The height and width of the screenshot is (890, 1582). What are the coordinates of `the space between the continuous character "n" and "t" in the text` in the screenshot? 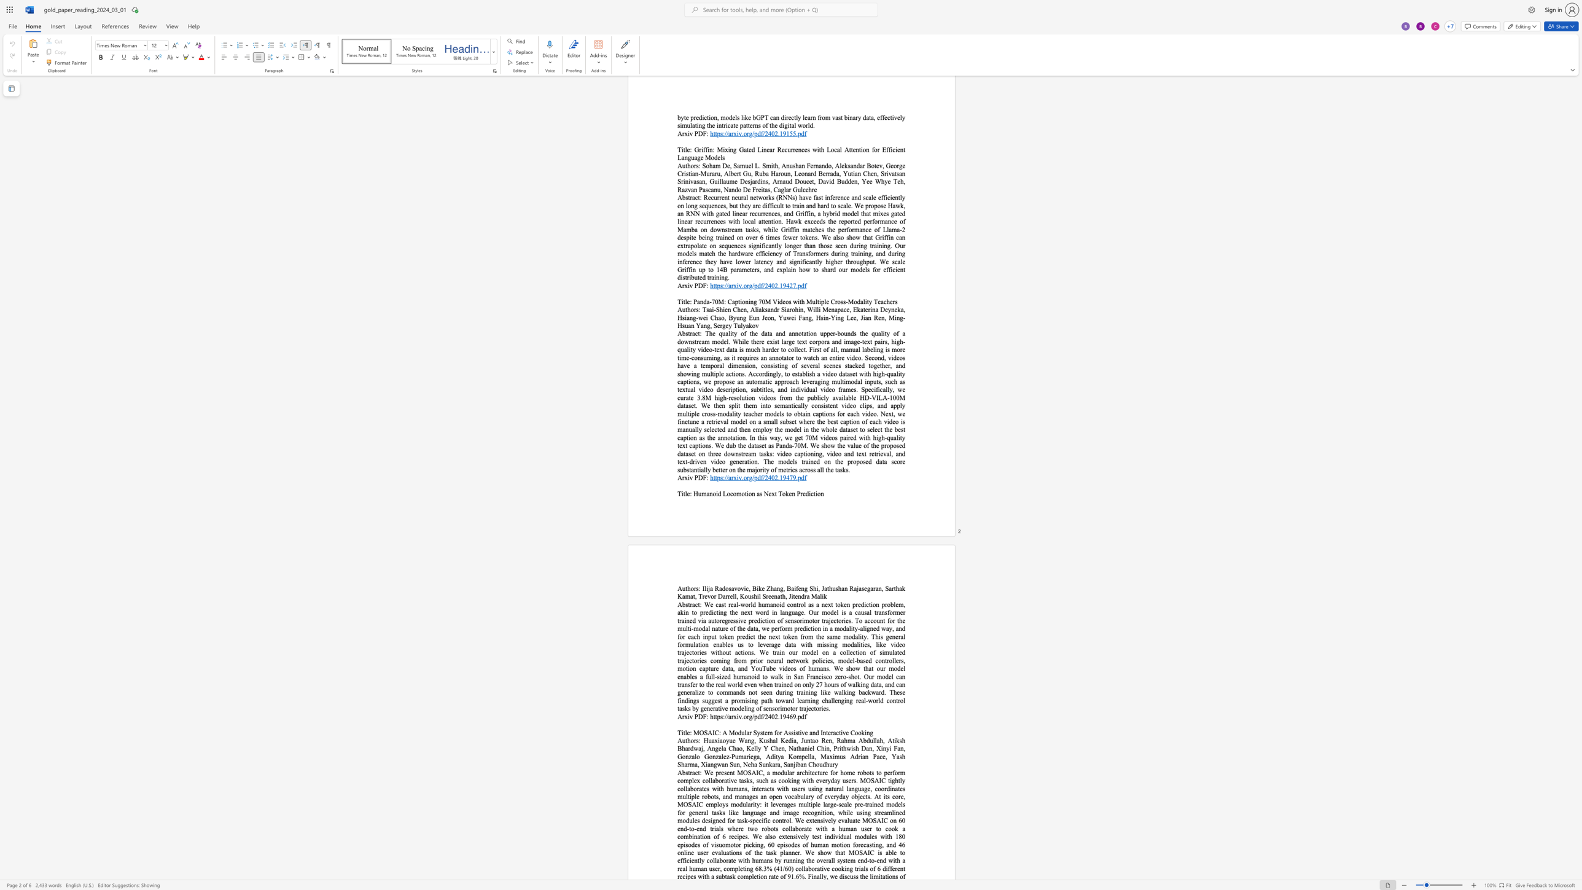 It's located at (810, 740).